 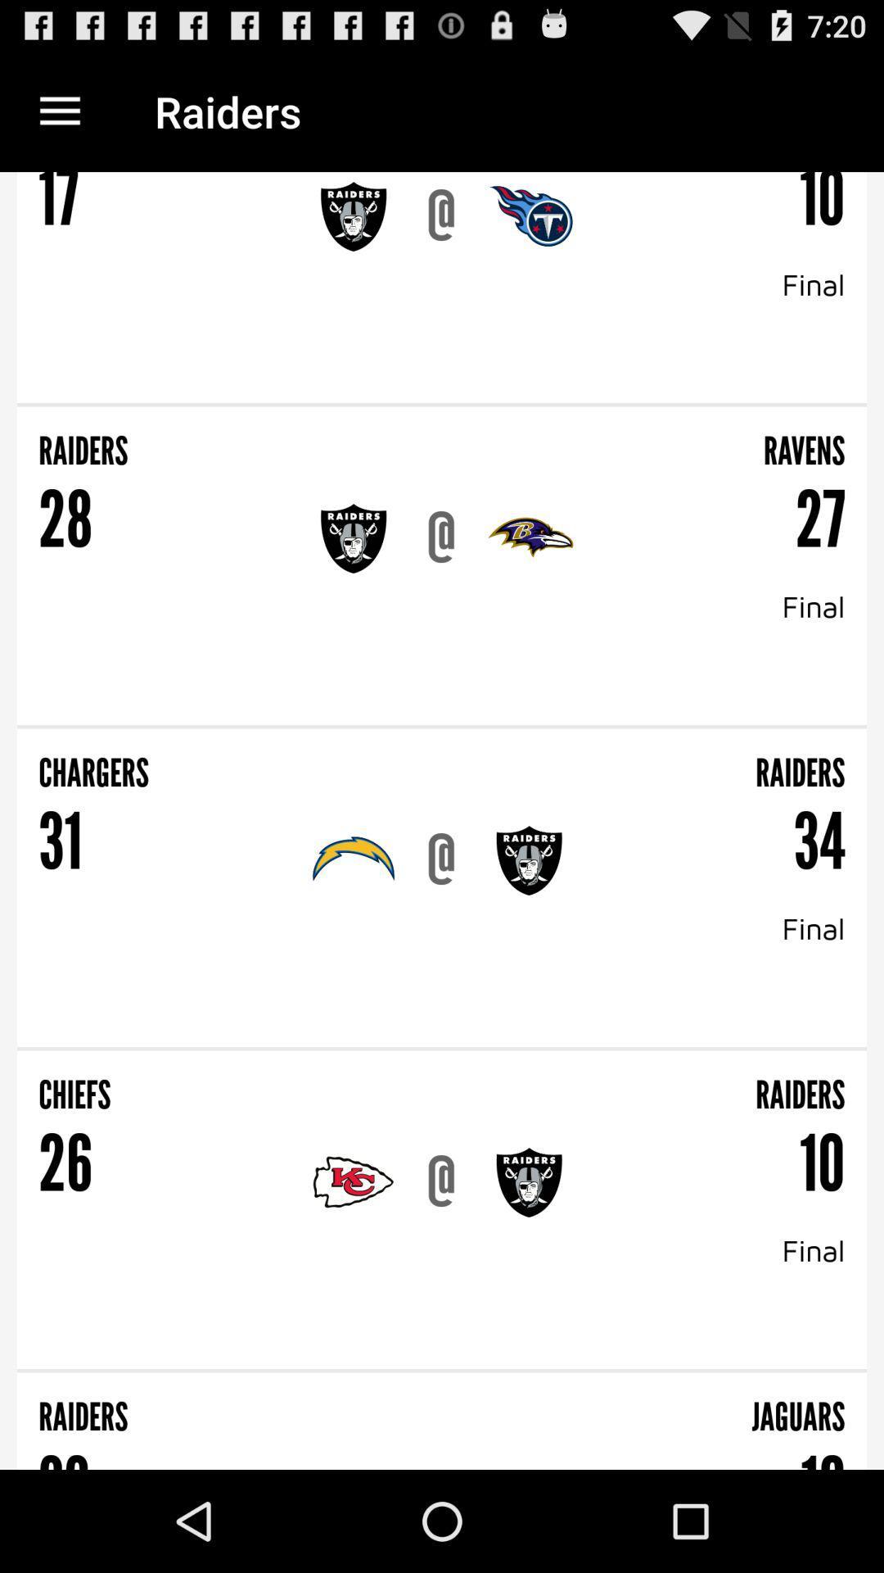 I want to click on the icon to the left of the raiders item, so click(x=59, y=111).